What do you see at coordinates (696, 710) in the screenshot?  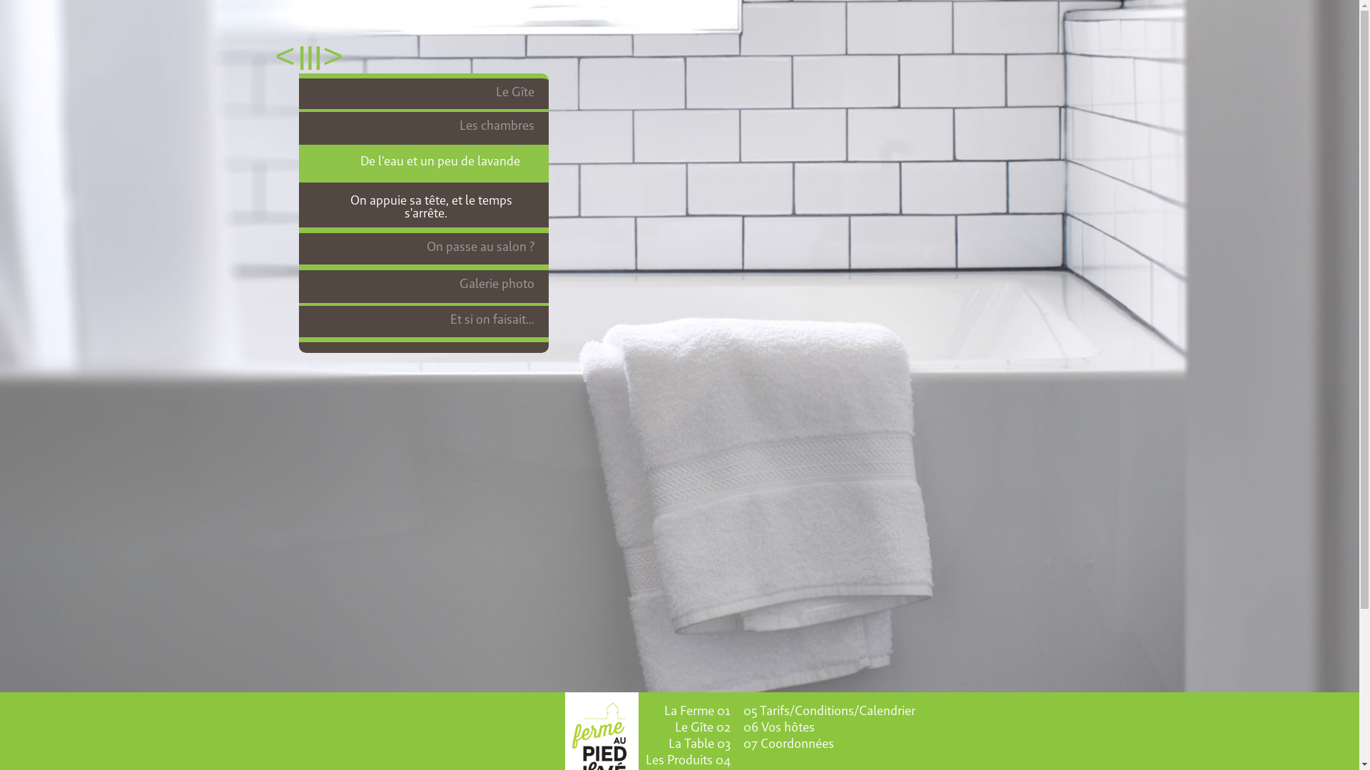 I see `'La Ferme 01'` at bounding box center [696, 710].